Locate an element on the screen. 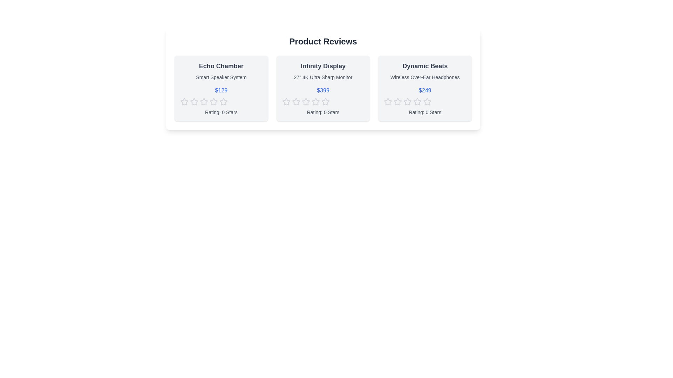 The image size is (673, 378). the text label 'Wireless Over-Ear Headphones' which is styled in a small, gray font and positioned below 'Dynamic Beats' and above the price label '$249' is located at coordinates (424, 77).